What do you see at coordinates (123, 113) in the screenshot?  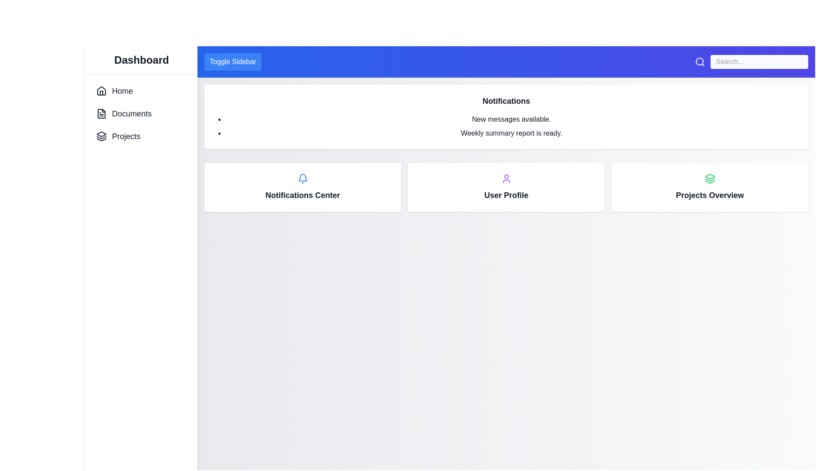 I see `the 'Documents' button located in the left sidebar, which is the second item below 'Home' and above 'Projects'` at bounding box center [123, 113].